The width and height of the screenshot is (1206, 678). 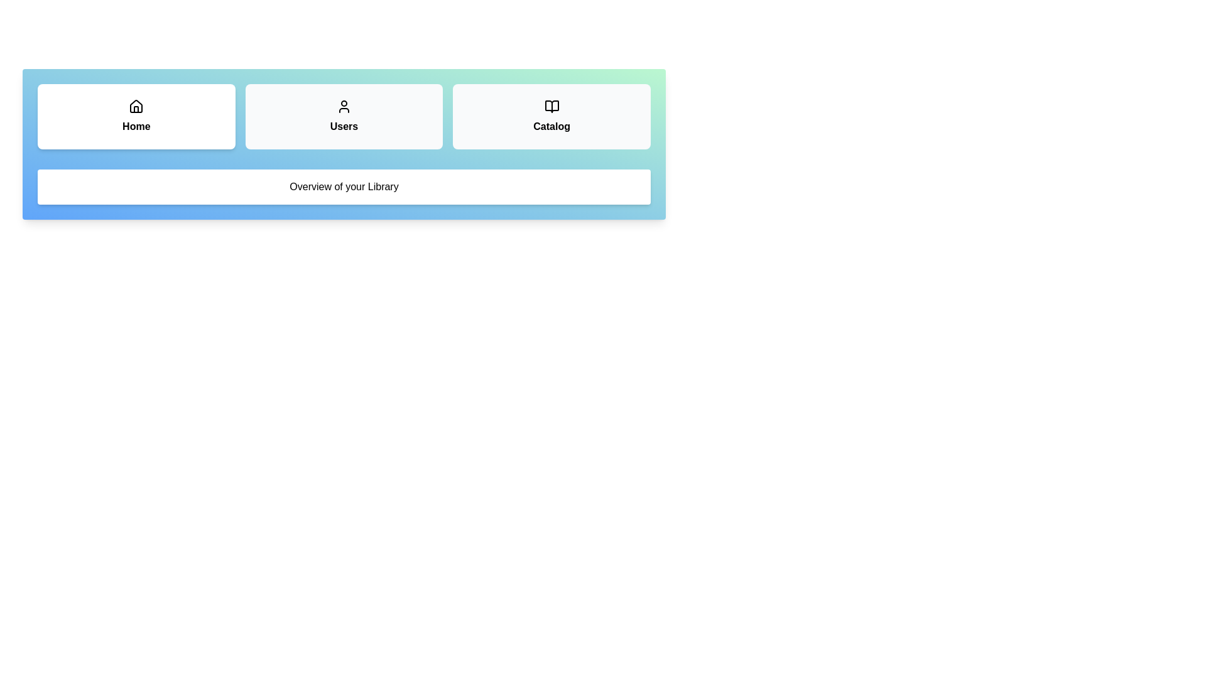 I want to click on the tab labeled Catalog to observe its hover effect, so click(x=551, y=116).